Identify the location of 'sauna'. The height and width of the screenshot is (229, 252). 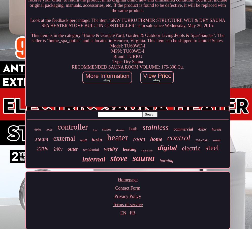
(133, 158).